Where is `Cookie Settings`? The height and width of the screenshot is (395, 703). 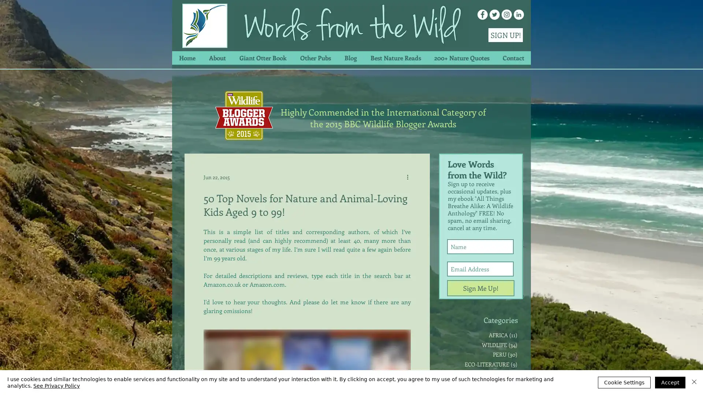
Cookie Settings is located at coordinates (624, 382).